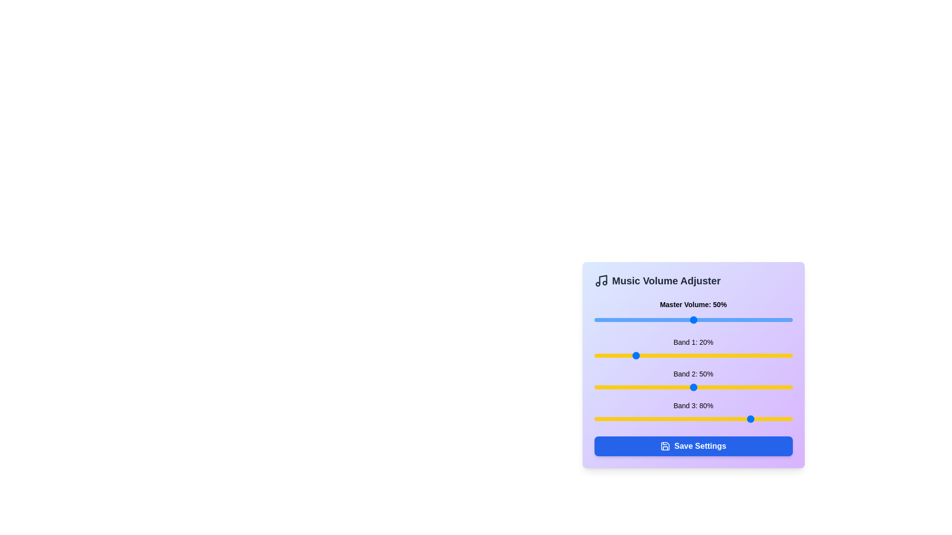 The width and height of the screenshot is (952, 535). What do you see at coordinates (605, 387) in the screenshot?
I see `'Band 2' value` at bounding box center [605, 387].